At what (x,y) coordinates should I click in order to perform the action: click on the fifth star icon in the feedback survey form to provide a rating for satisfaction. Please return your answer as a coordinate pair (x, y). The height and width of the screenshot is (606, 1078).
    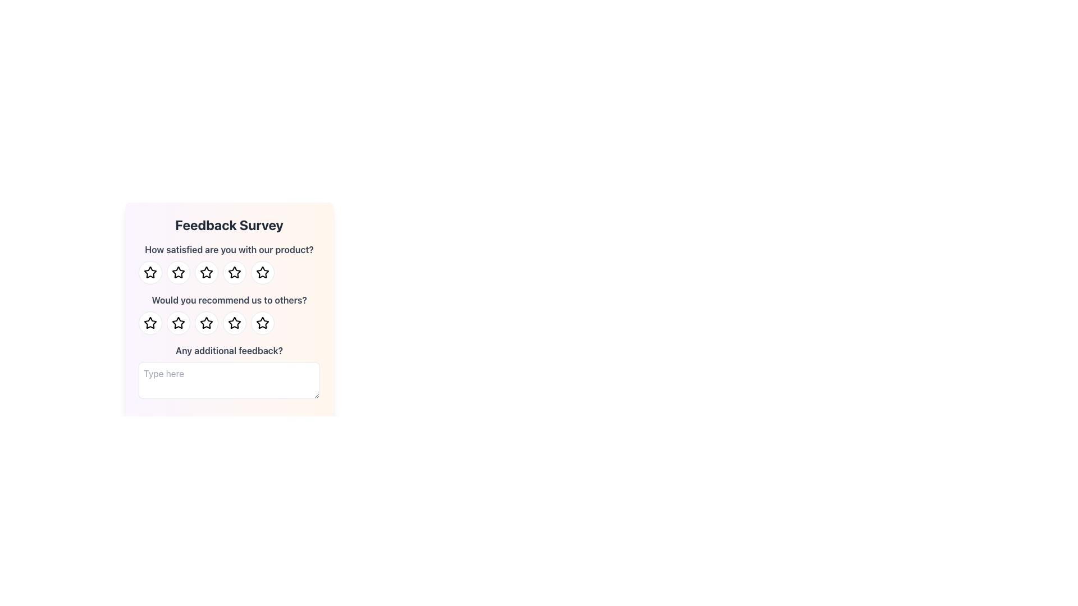
    Looking at the image, I should click on (262, 272).